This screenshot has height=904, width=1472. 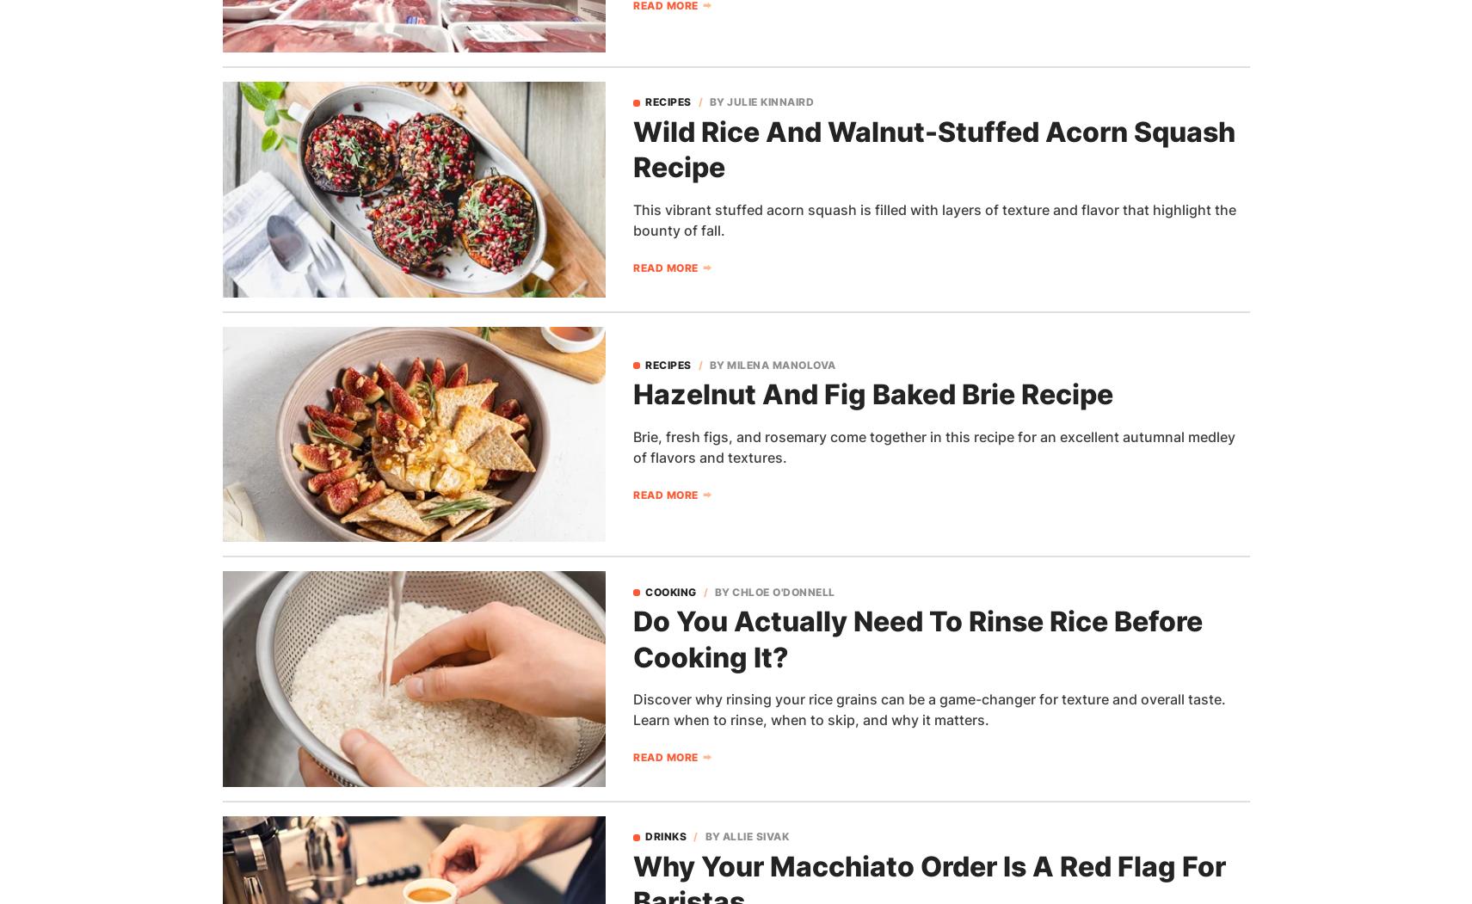 What do you see at coordinates (872, 393) in the screenshot?
I see `'Hazelnut And Fig Baked Brie Recipe'` at bounding box center [872, 393].